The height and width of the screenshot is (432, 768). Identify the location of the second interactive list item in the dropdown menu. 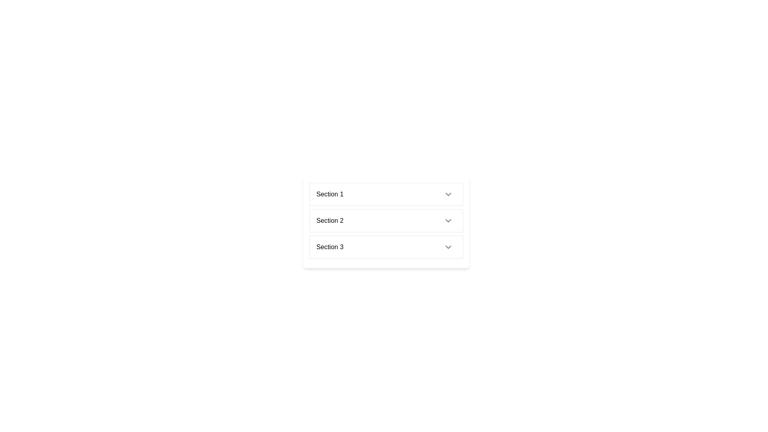
(386, 219).